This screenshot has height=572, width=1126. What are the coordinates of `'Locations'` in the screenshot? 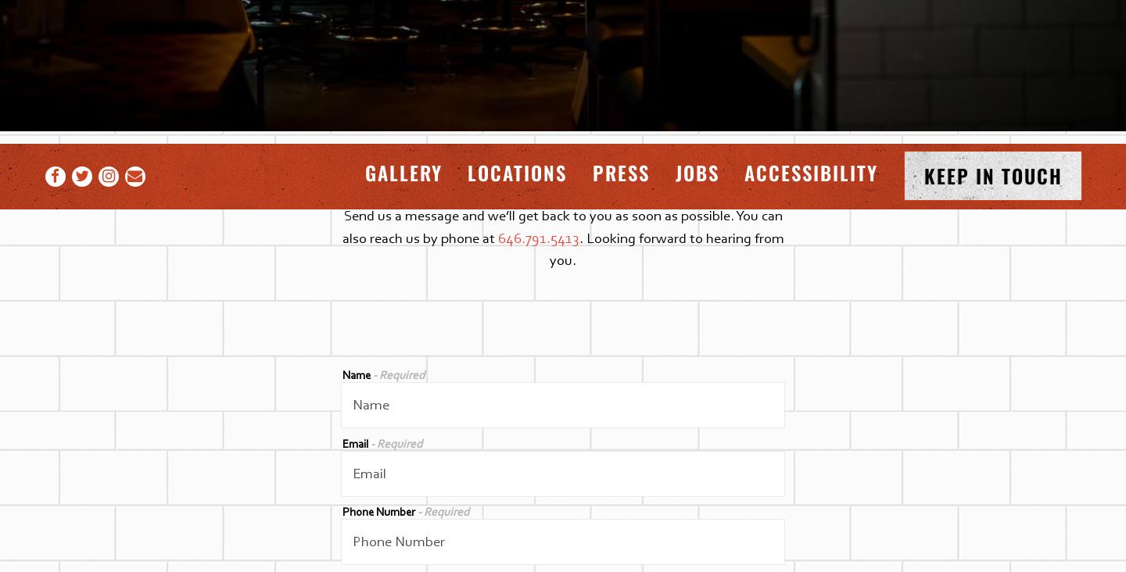 It's located at (517, 171).